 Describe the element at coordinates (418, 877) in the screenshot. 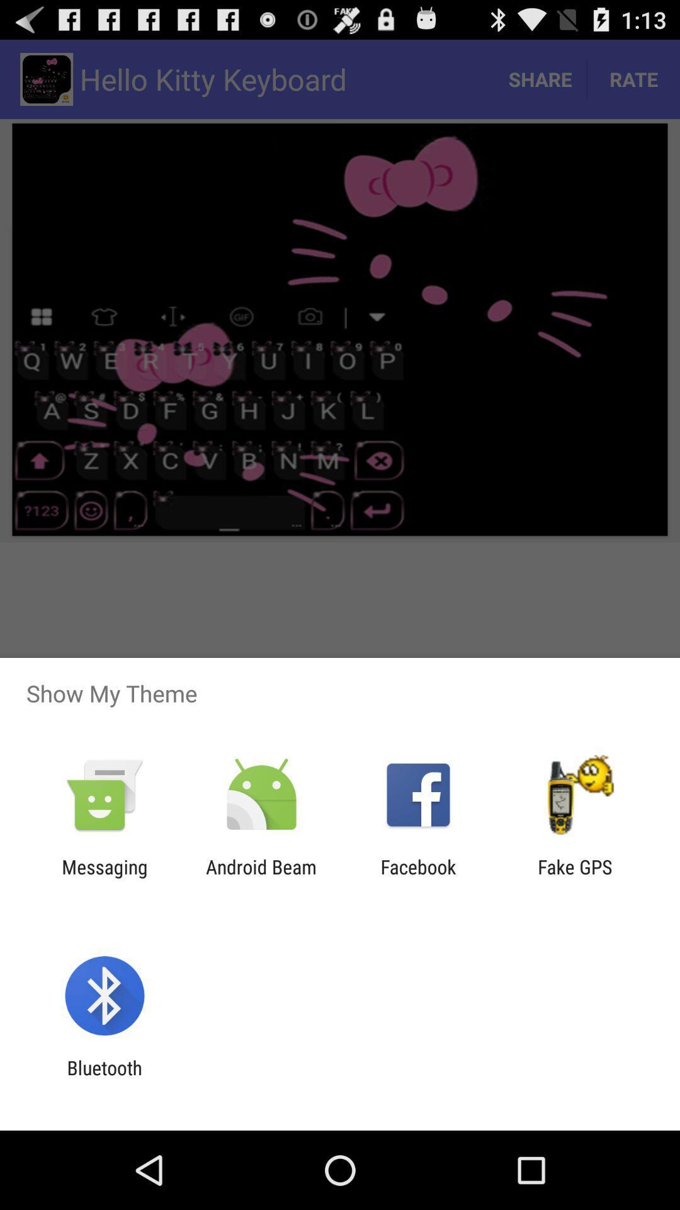

I see `item next to the android beam app` at that location.